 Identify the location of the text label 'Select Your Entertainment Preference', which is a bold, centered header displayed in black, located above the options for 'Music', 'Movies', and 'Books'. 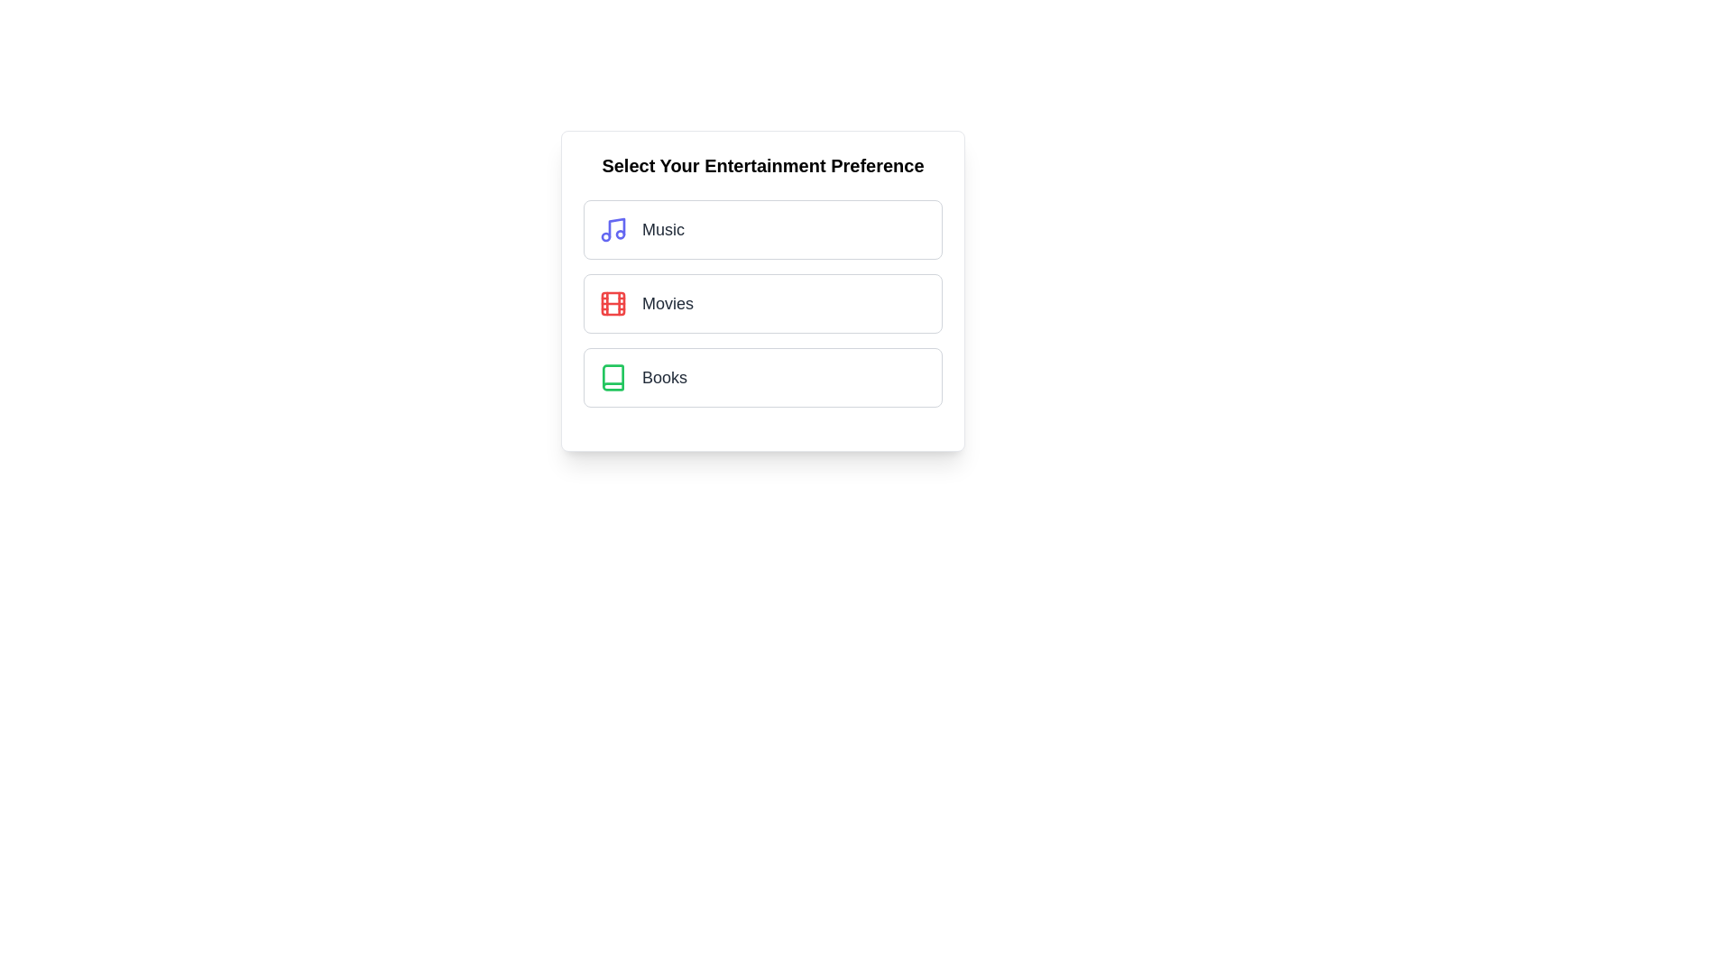
(762, 166).